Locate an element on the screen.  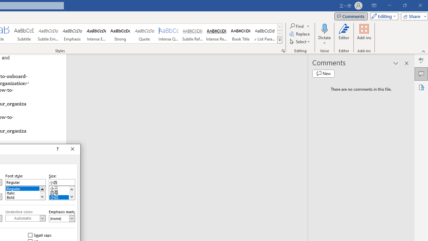
'RichEdit Control' is located at coordinates (62, 182).